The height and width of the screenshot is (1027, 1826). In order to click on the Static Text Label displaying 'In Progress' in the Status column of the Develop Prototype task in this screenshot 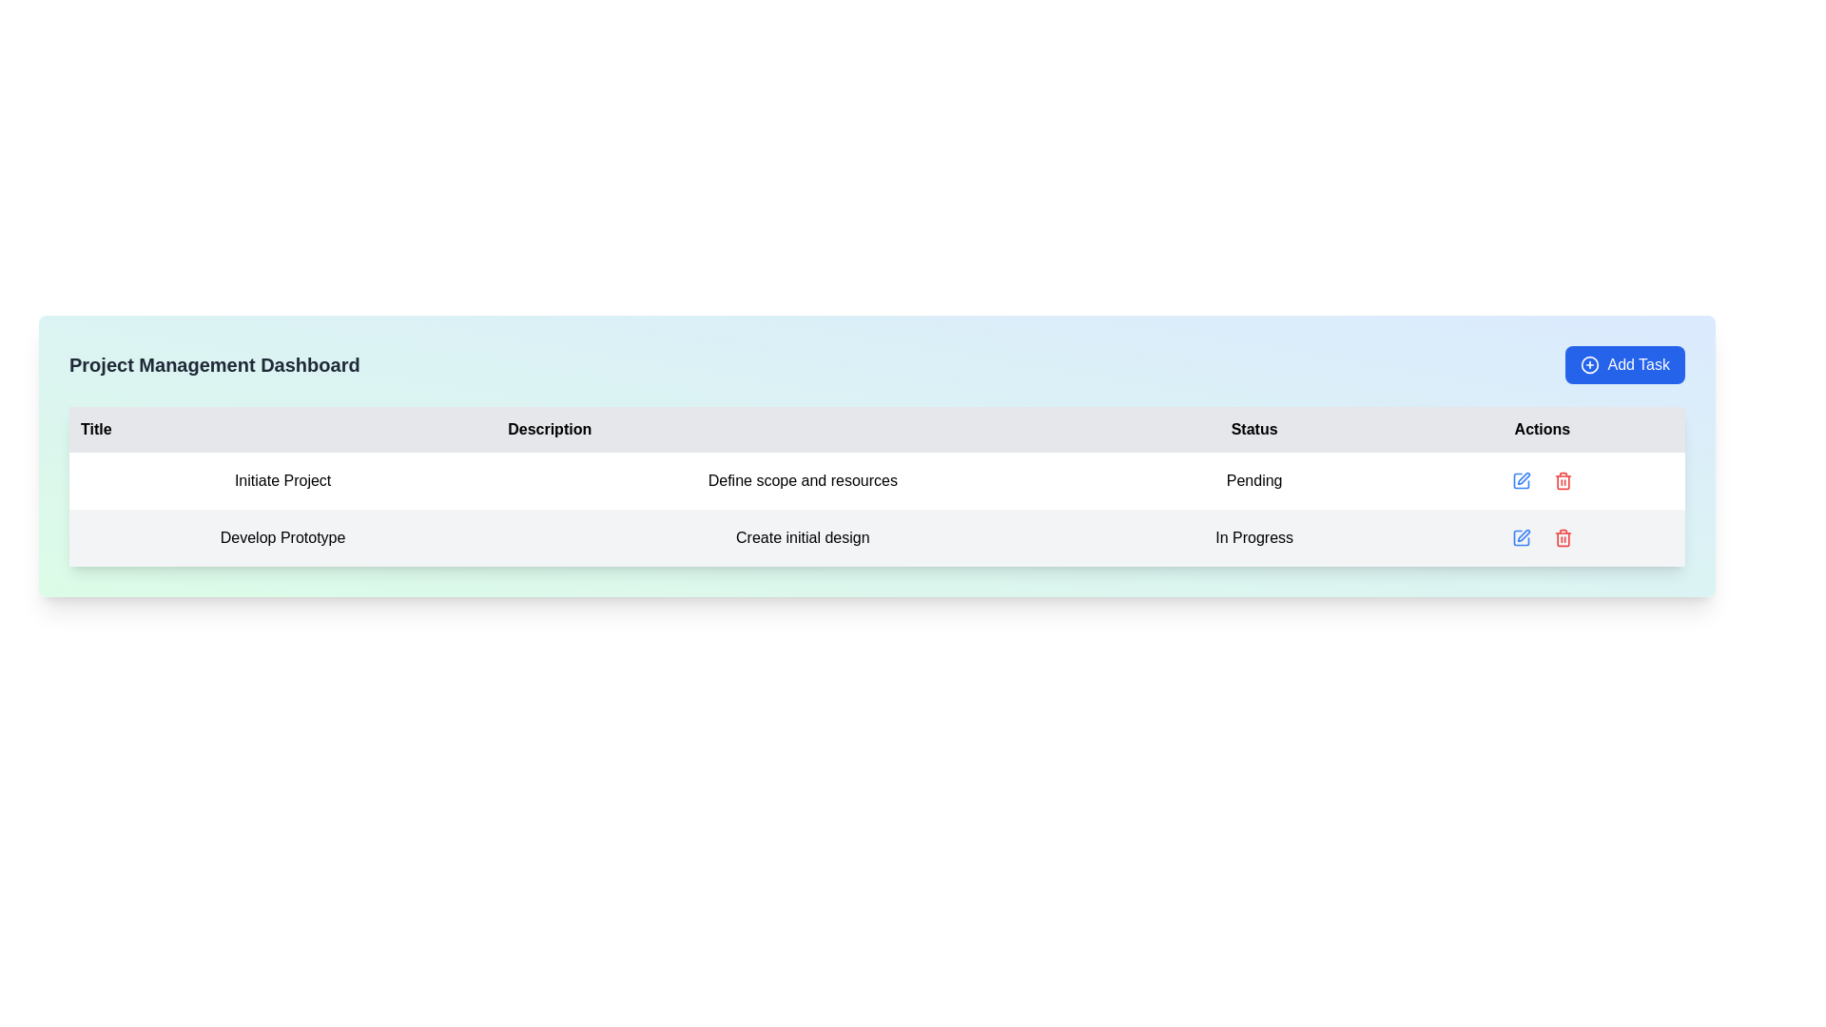, I will do `click(1254, 538)`.